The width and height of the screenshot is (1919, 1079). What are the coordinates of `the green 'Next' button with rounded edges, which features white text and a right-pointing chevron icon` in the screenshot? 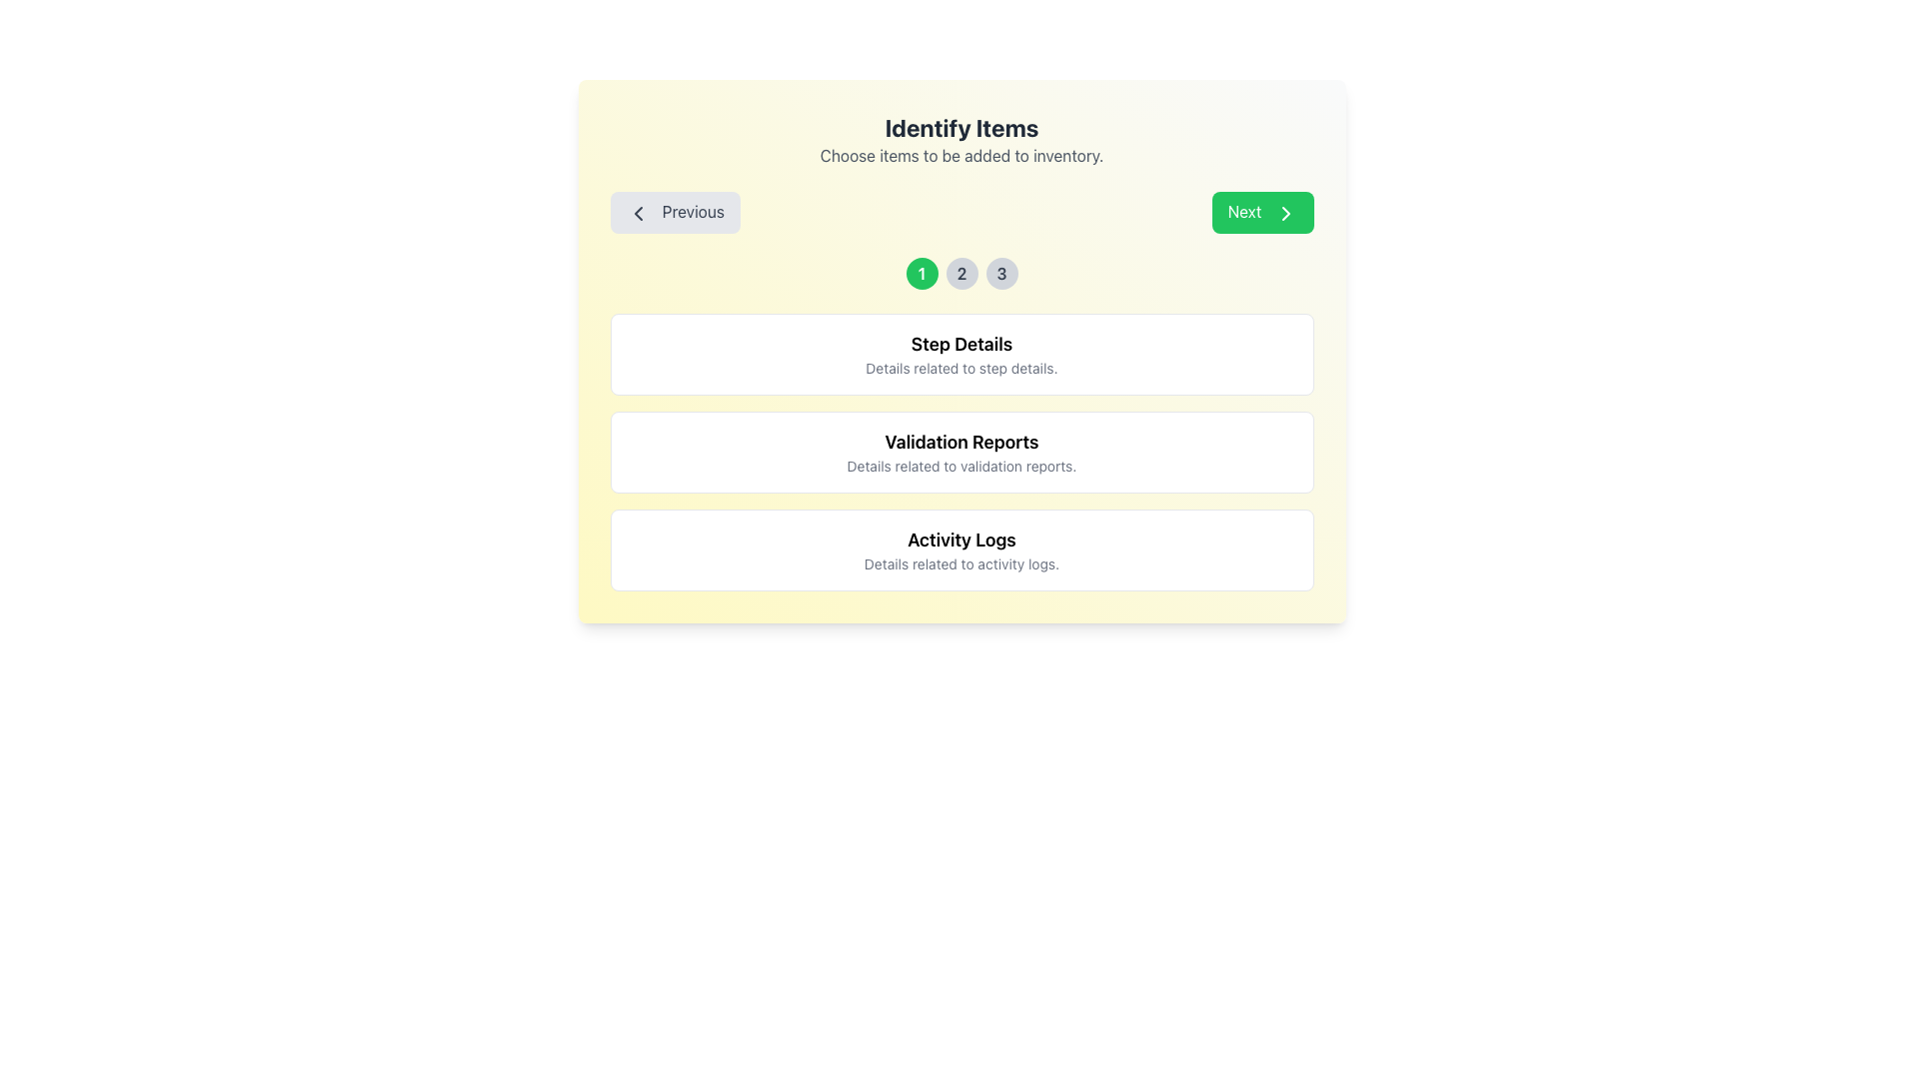 It's located at (1261, 212).